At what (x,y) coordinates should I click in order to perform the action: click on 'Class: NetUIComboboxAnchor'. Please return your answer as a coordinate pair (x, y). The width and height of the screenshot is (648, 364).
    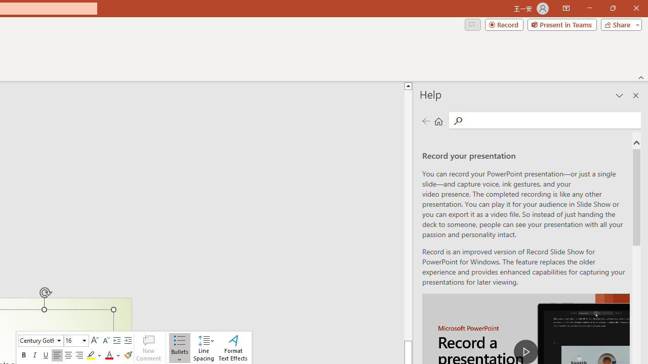
    Looking at the image, I should click on (76, 340).